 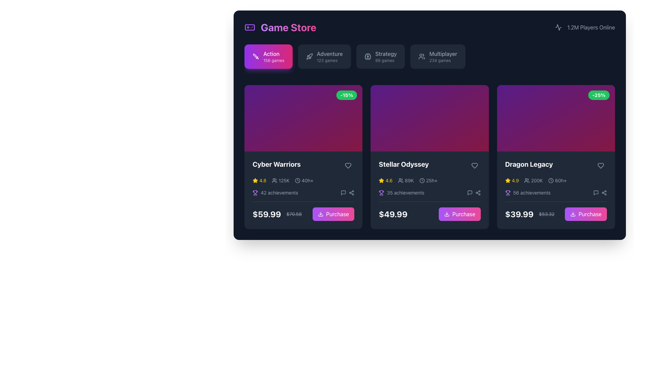 What do you see at coordinates (429, 180) in the screenshot?
I see `the details displayed in the Informational cluster for the game 'Stellar Odyssey', located in the center panel below the game title and above the achievements count` at bounding box center [429, 180].